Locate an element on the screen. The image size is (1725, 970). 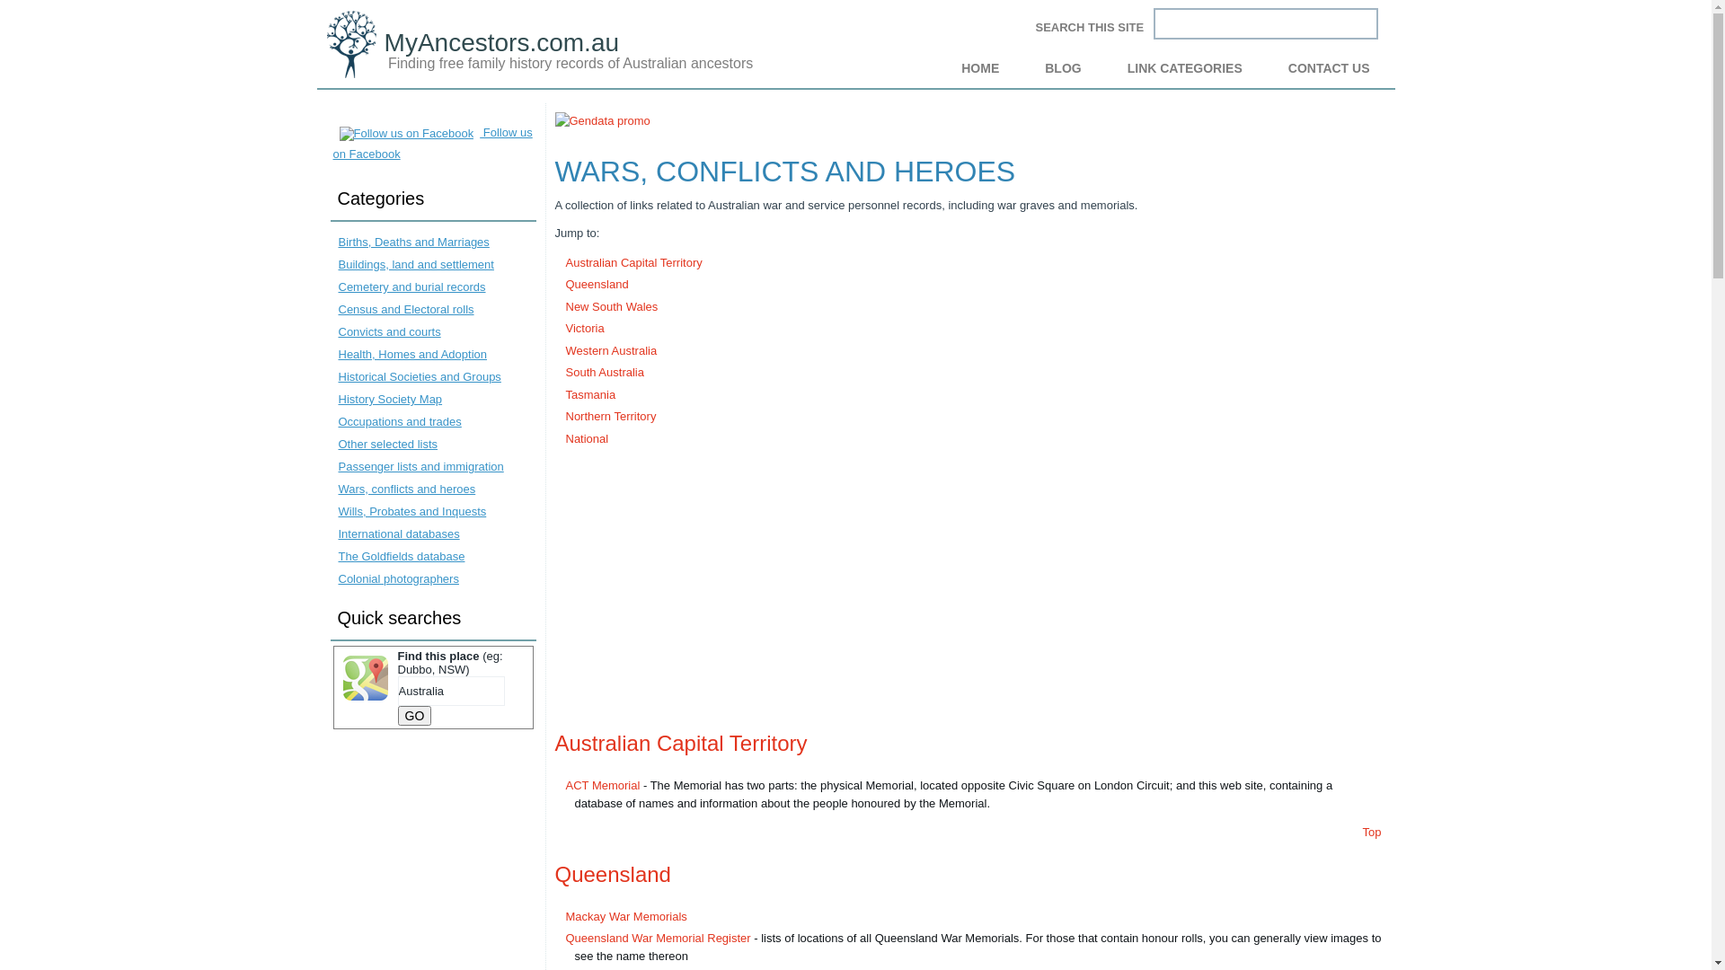
'Buildings, land and settlement' is located at coordinates (414, 264).